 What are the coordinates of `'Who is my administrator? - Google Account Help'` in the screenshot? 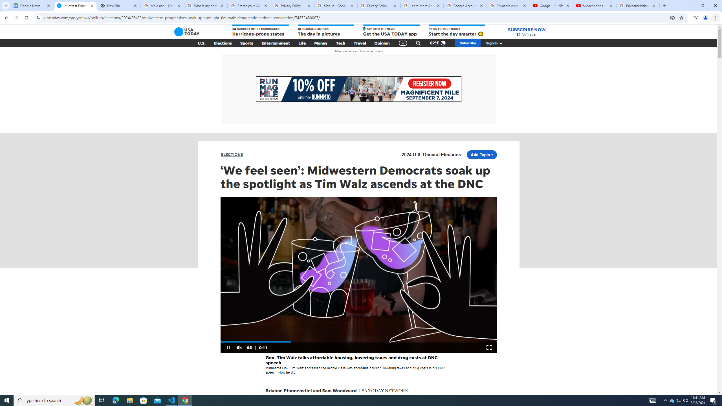 It's located at (206, 5).